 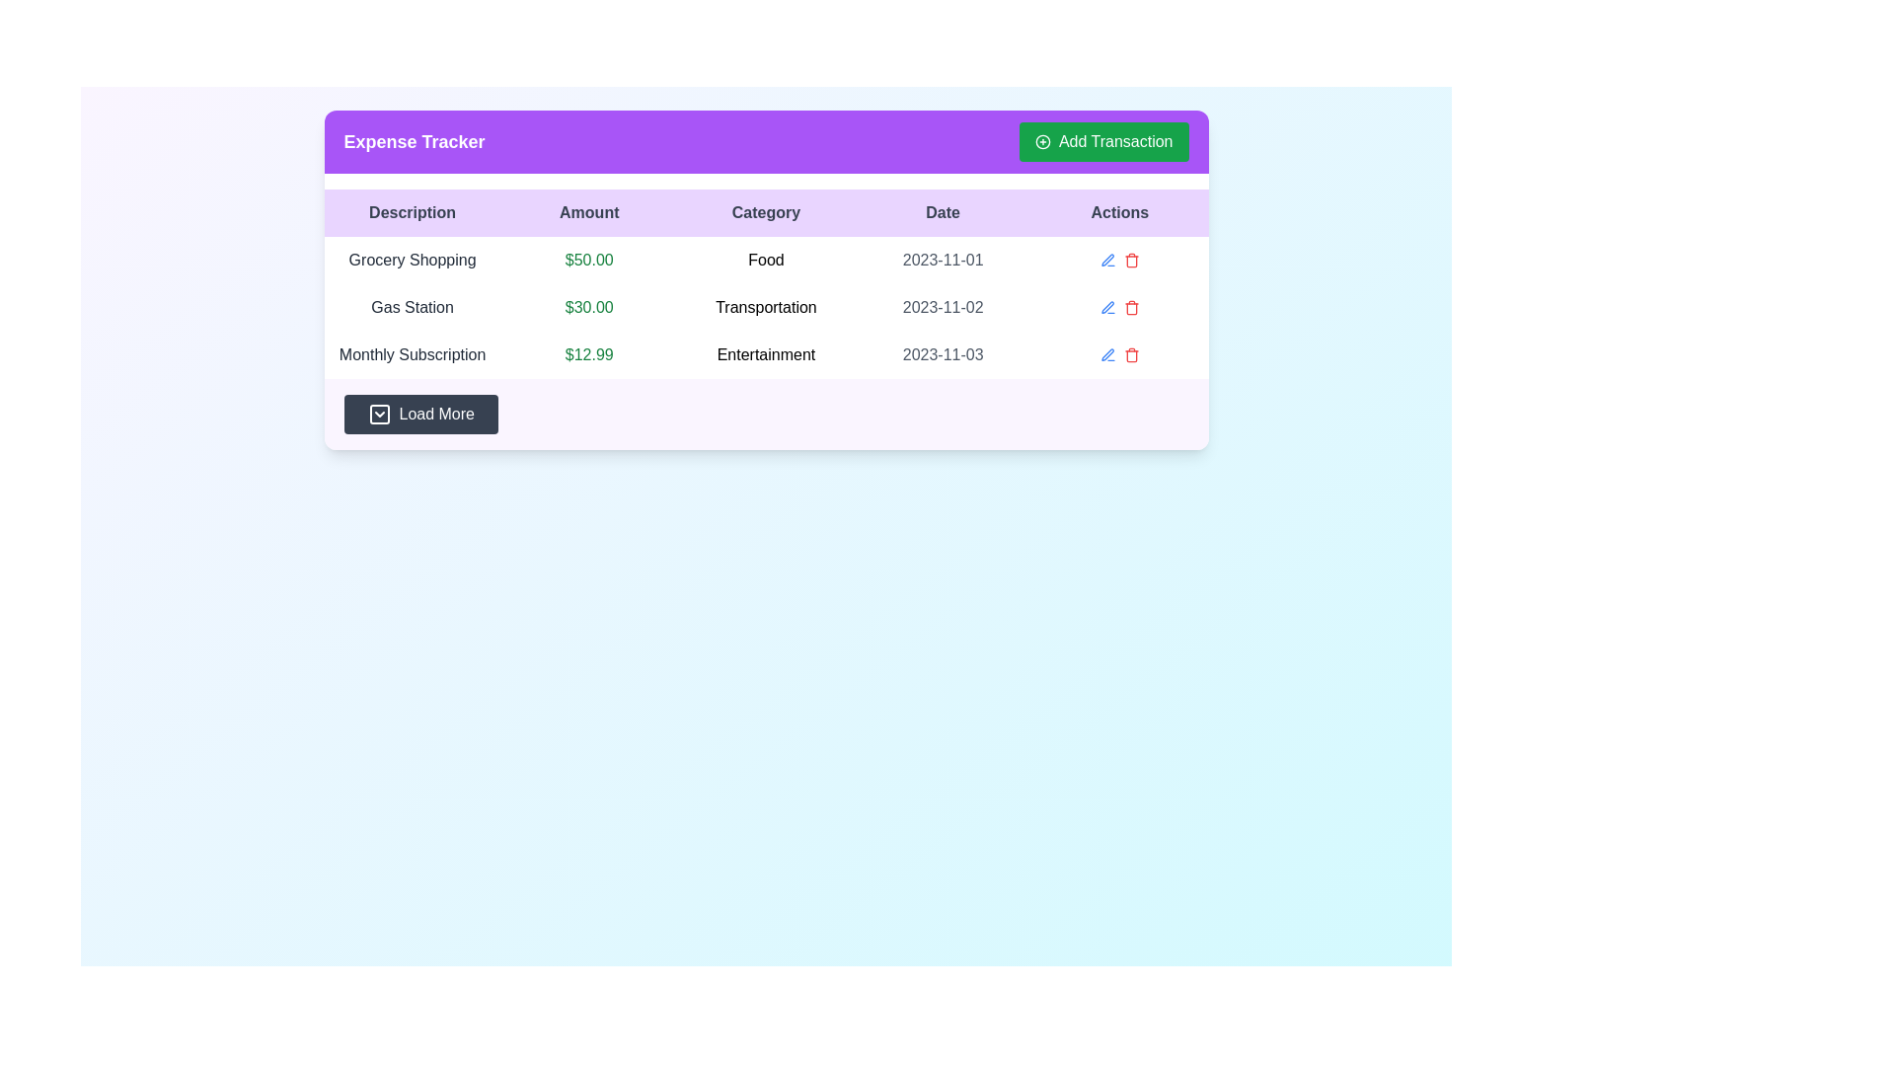 I want to click on the button located at the bottom of the transaction details section, so click(x=765, y=414).